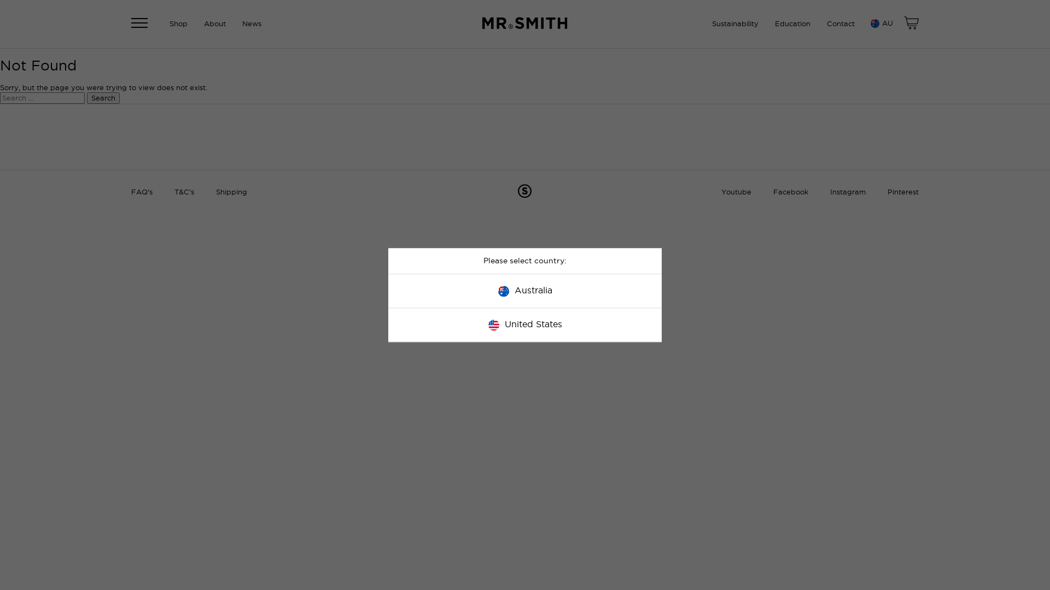 The image size is (1050, 590). I want to click on 'Instagram', so click(830, 191).